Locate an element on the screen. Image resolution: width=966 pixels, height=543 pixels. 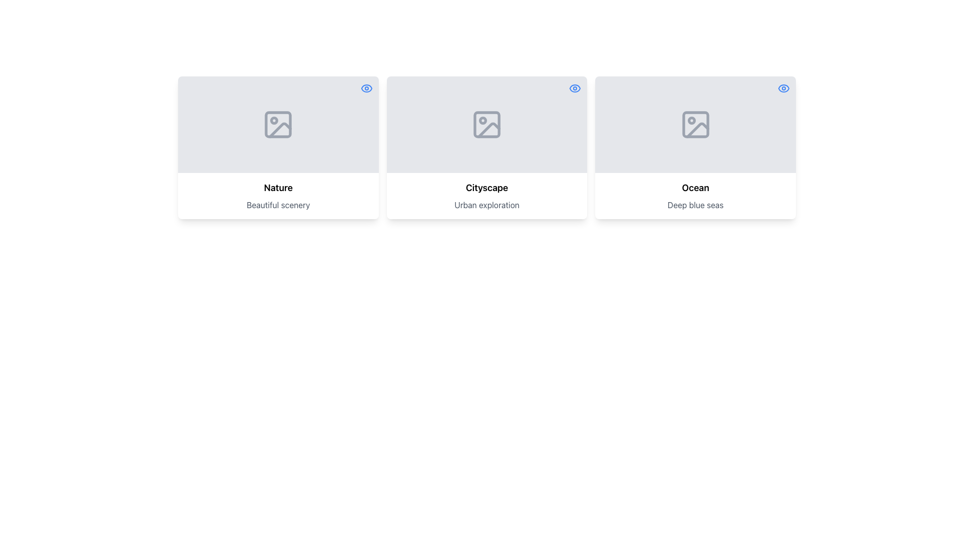
the button located in the top-right corner of the 'Cityscape' card is located at coordinates (575, 88).